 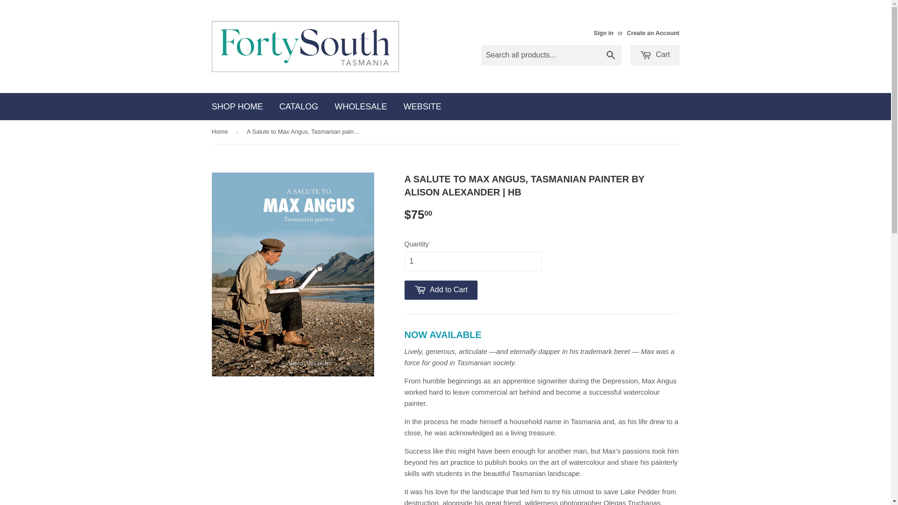 I want to click on 'WEBSITE', so click(x=422, y=106).